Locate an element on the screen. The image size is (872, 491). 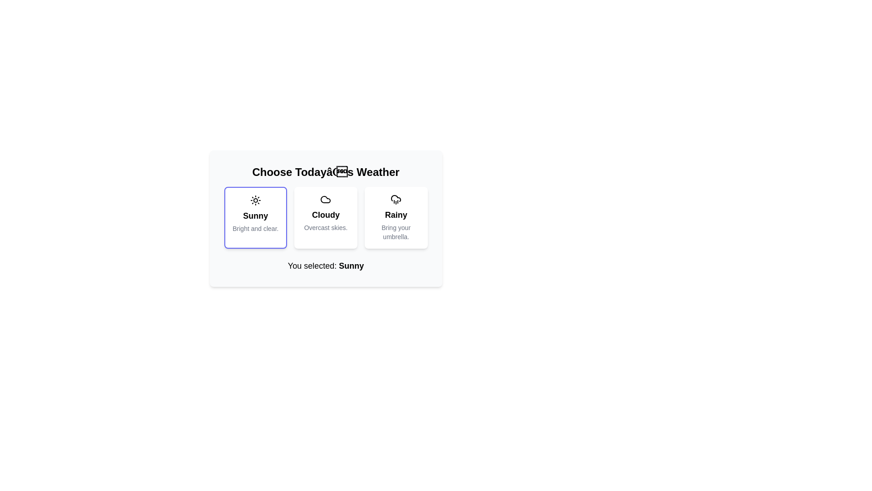
the 'Cloudy' interactive card in the weather selection menu is located at coordinates (326, 217).